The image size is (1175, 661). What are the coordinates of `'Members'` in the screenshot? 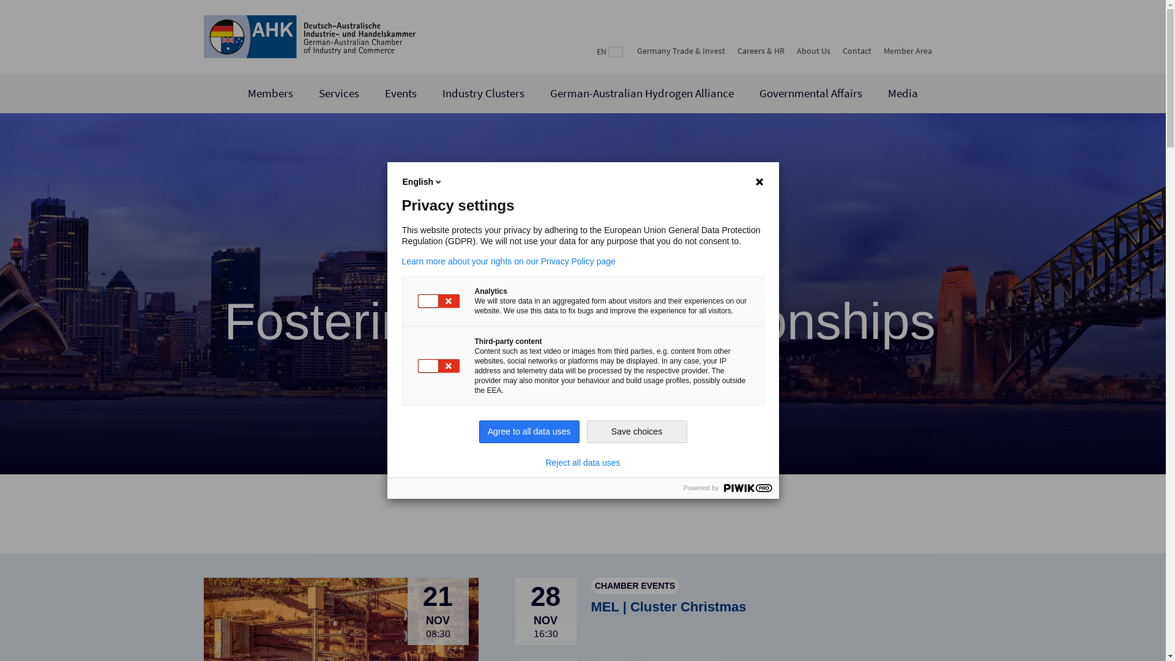 It's located at (247, 92).